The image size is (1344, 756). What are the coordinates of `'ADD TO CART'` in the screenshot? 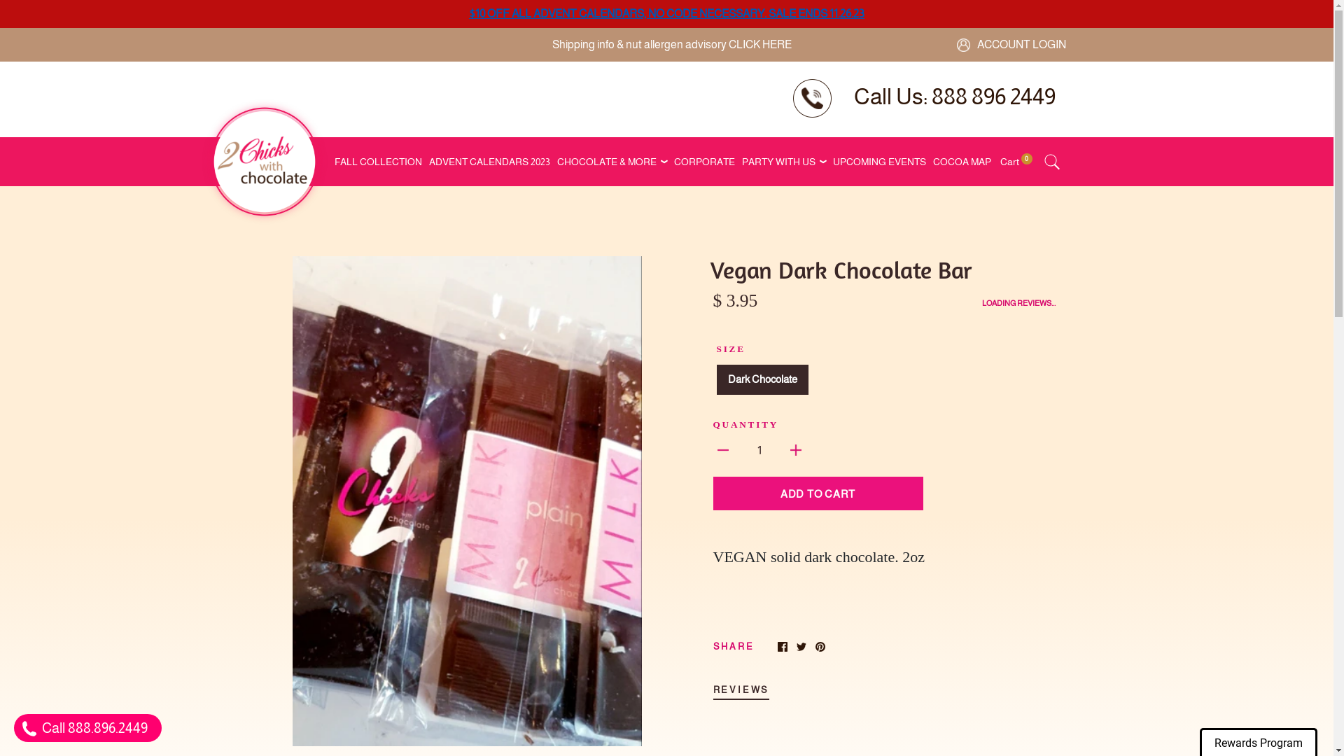 It's located at (817, 493).